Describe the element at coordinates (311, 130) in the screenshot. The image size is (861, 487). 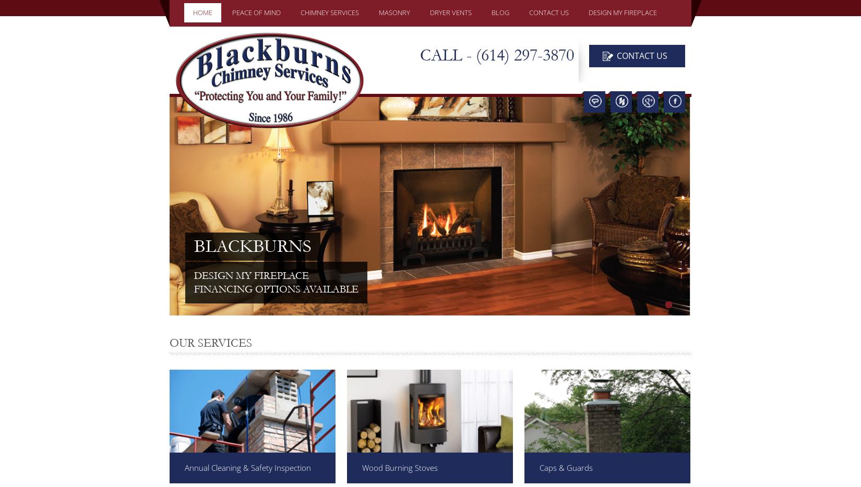
I see `'FAQ'` at that location.